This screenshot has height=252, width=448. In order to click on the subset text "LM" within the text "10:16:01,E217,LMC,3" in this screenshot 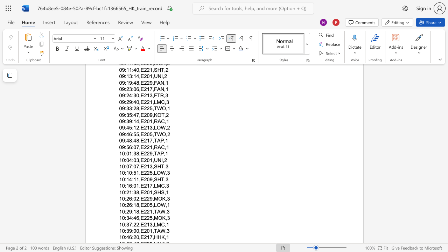, I will do `click(153, 185)`.